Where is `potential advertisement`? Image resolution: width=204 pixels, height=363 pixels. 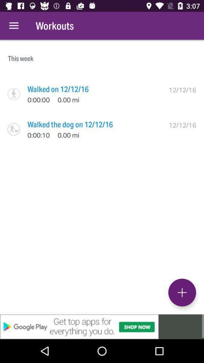 potential advertisement is located at coordinates (102, 326).